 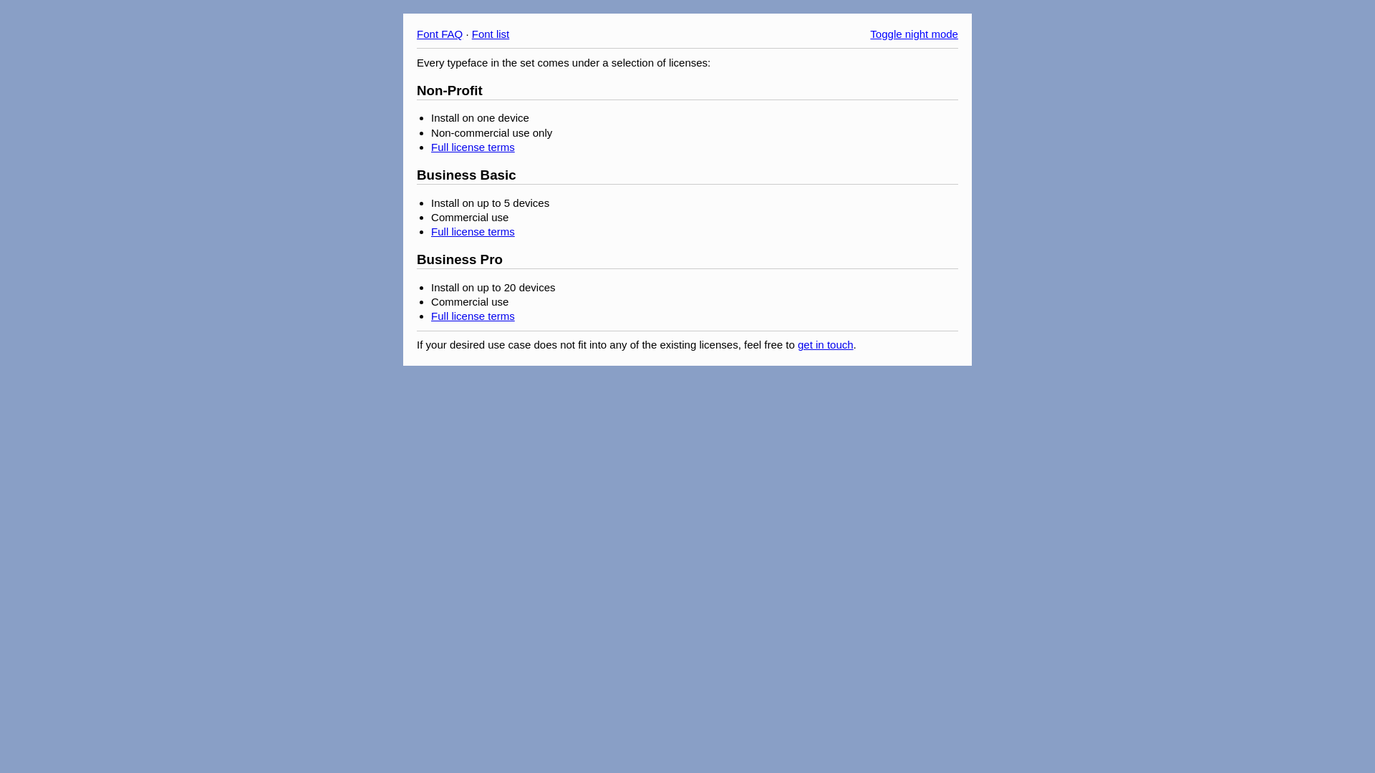 I want to click on 'Business Pro', so click(x=460, y=259).